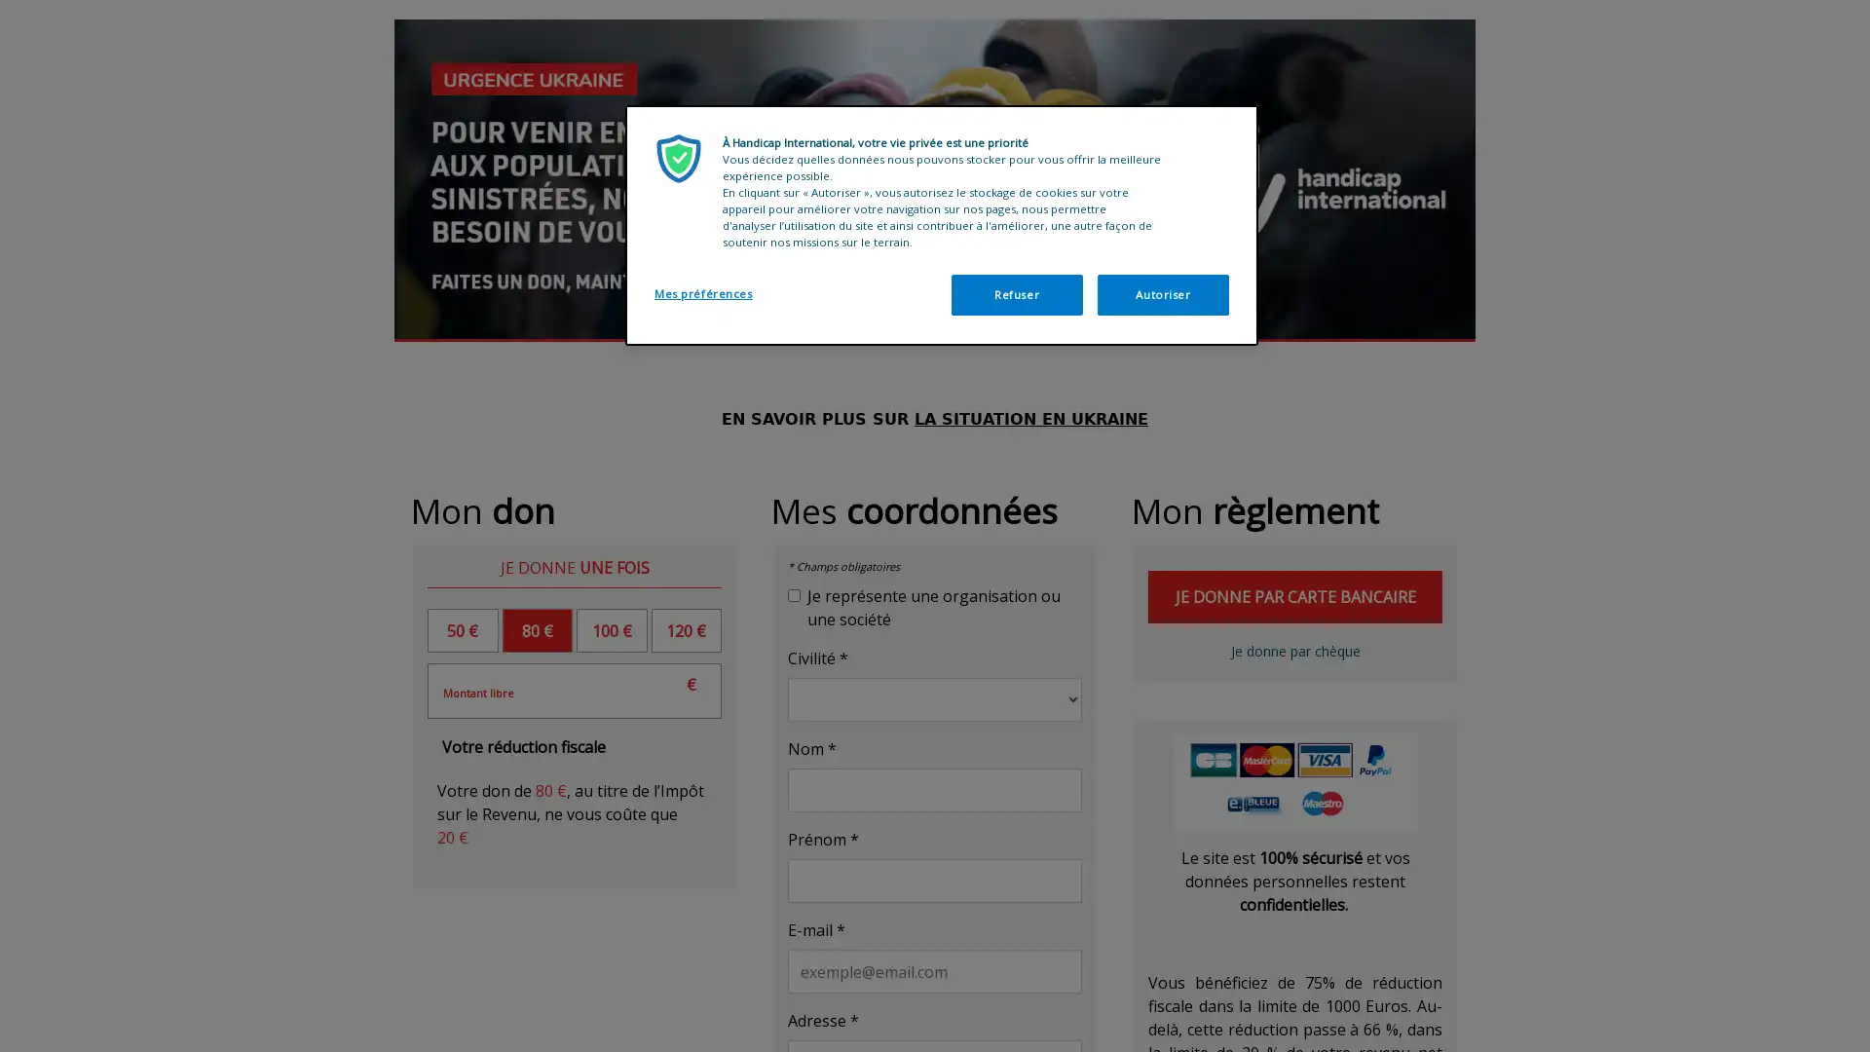  I want to click on 120, so click(686, 630).